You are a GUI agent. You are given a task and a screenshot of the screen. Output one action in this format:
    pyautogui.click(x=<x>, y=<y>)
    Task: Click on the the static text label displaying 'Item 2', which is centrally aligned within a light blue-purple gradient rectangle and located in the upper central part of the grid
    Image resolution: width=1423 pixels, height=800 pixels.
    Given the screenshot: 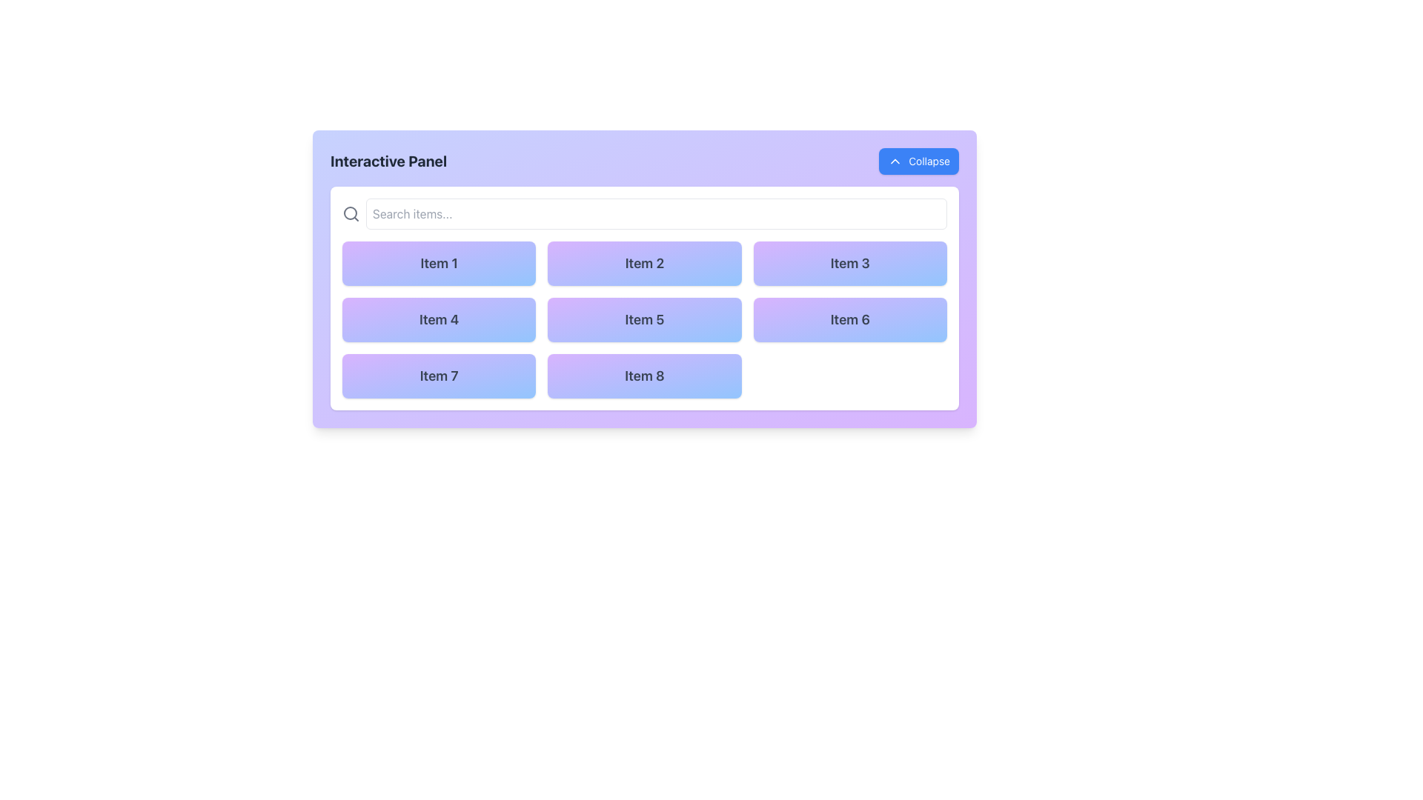 What is the action you would take?
    pyautogui.click(x=644, y=262)
    